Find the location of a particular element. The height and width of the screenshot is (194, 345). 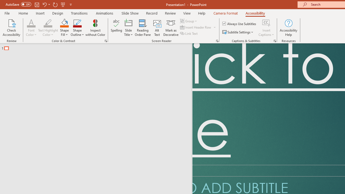

'Captions & Subtitles' is located at coordinates (275, 40).